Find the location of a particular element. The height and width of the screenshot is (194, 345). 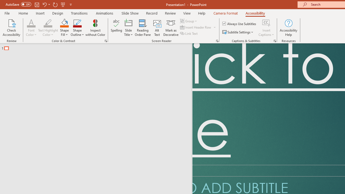

'Captions & Subtitles' is located at coordinates (275, 40).